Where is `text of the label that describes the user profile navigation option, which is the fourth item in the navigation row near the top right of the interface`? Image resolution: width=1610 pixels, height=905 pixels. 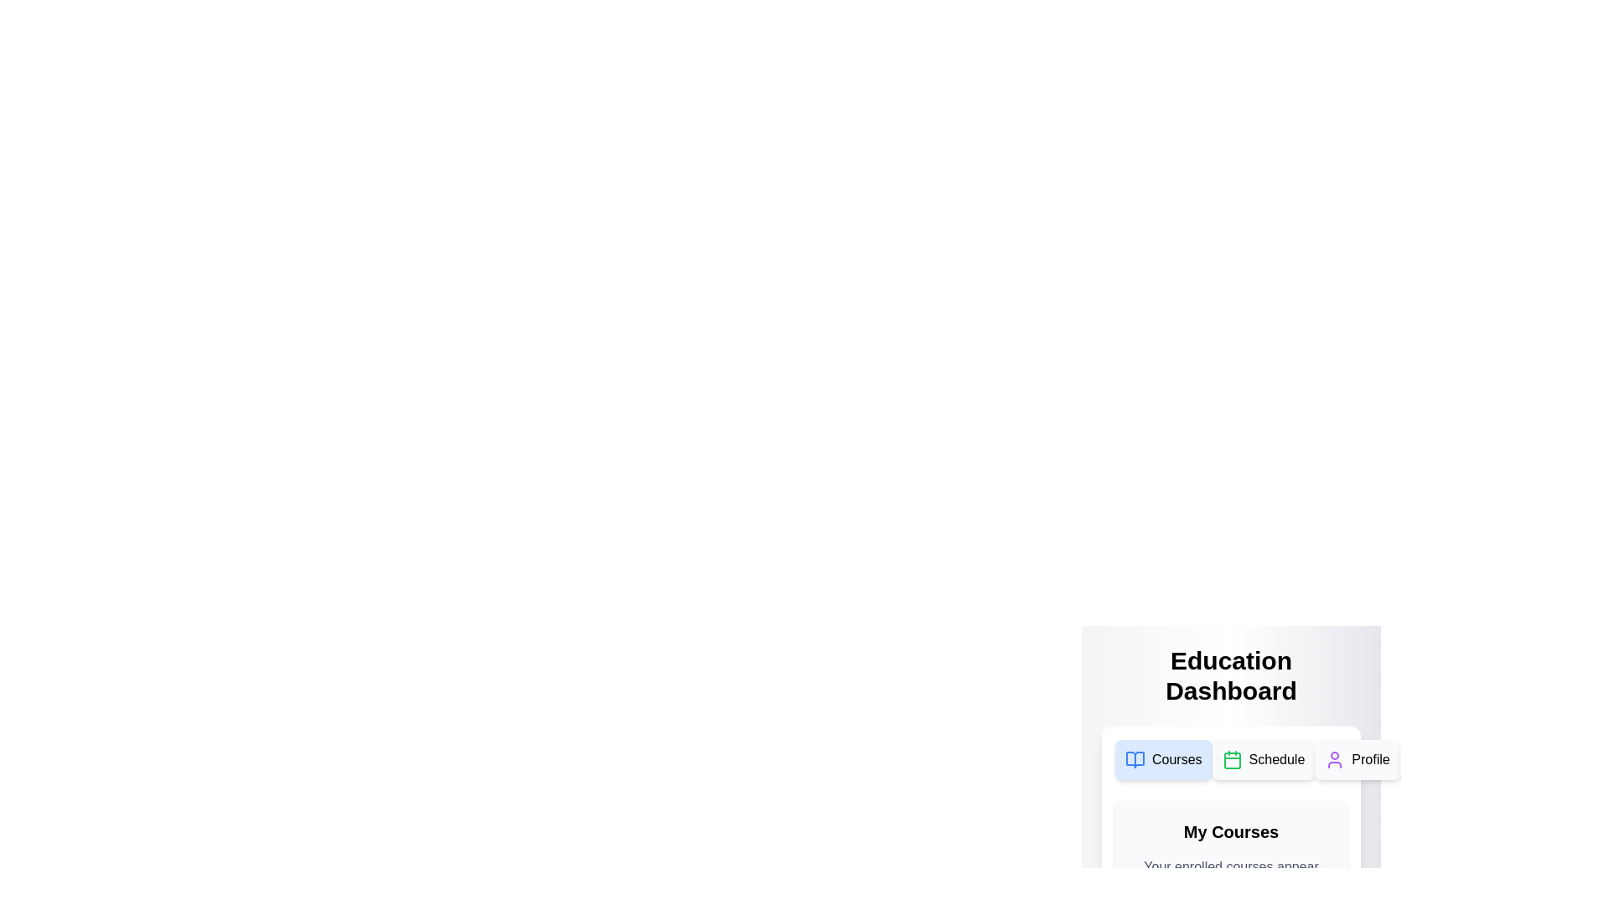
text of the label that describes the user profile navigation option, which is the fourth item in the navigation row near the top right of the interface is located at coordinates (1371, 759).